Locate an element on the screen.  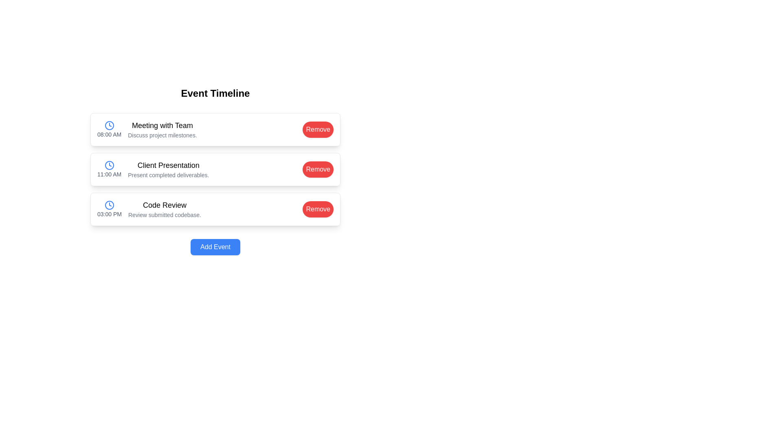
the first 'Remove' button located in the top right corner of the first item in the 'Event Timeline' is located at coordinates (318, 129).